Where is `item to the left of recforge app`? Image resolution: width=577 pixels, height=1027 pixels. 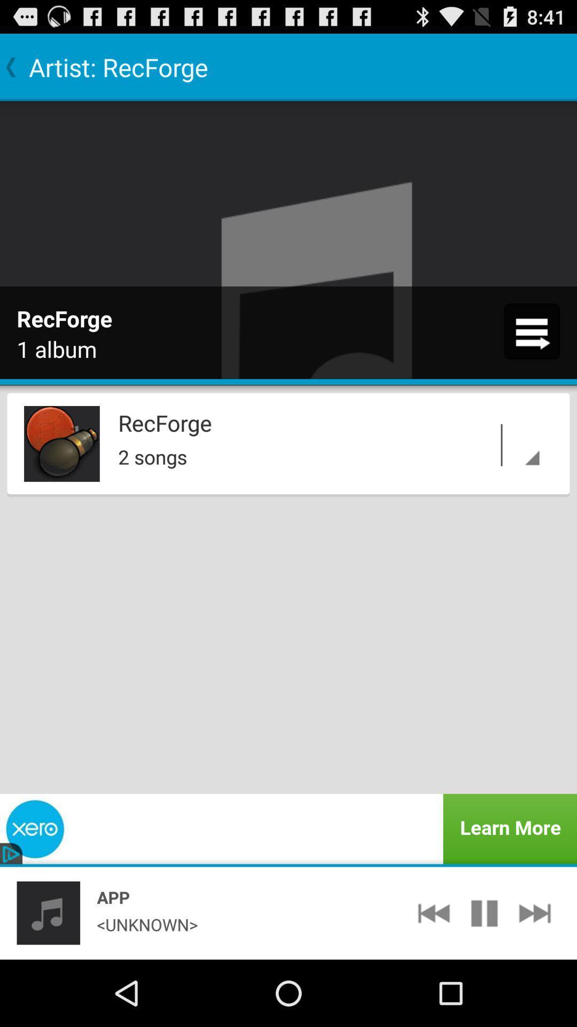
item to the left of recforge app is located at coordinates (61, 443).